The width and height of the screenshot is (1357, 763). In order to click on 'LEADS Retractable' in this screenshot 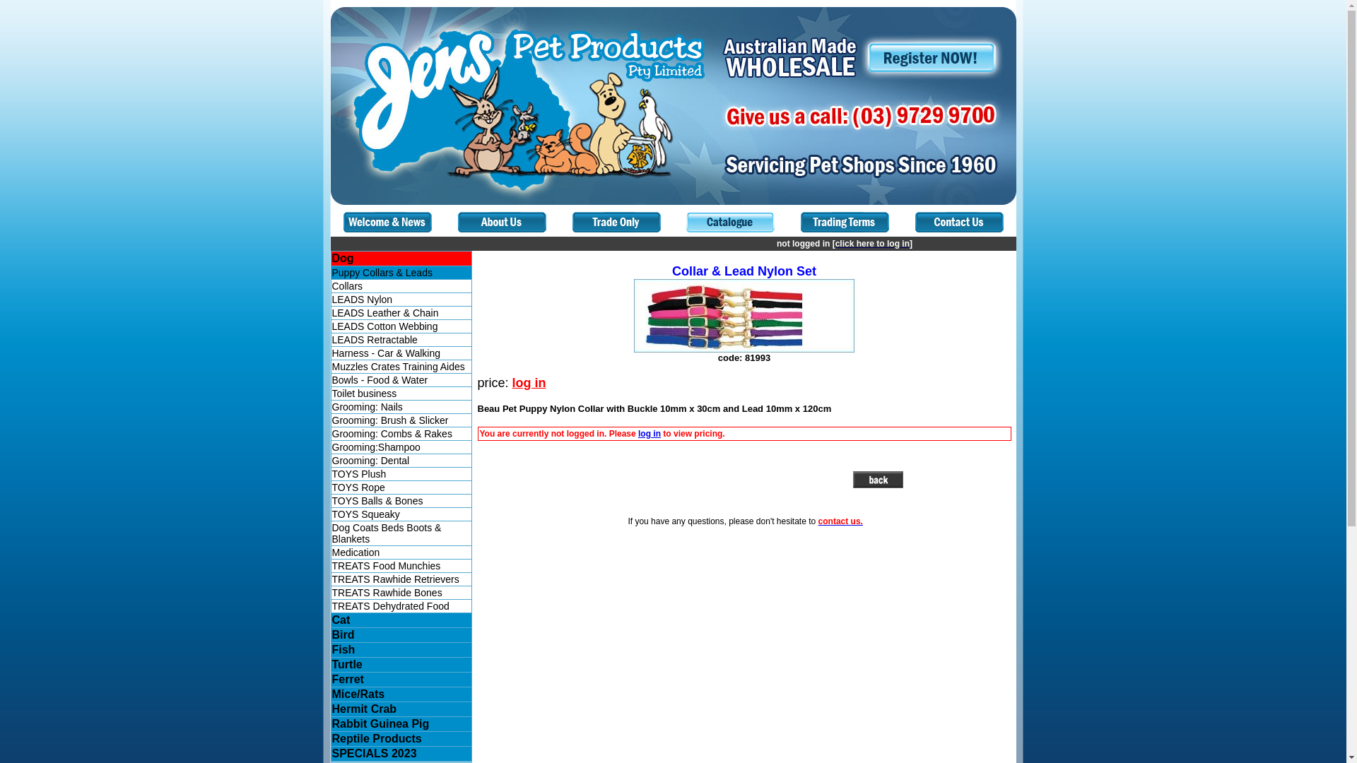, I will do `click(399, 340)`.